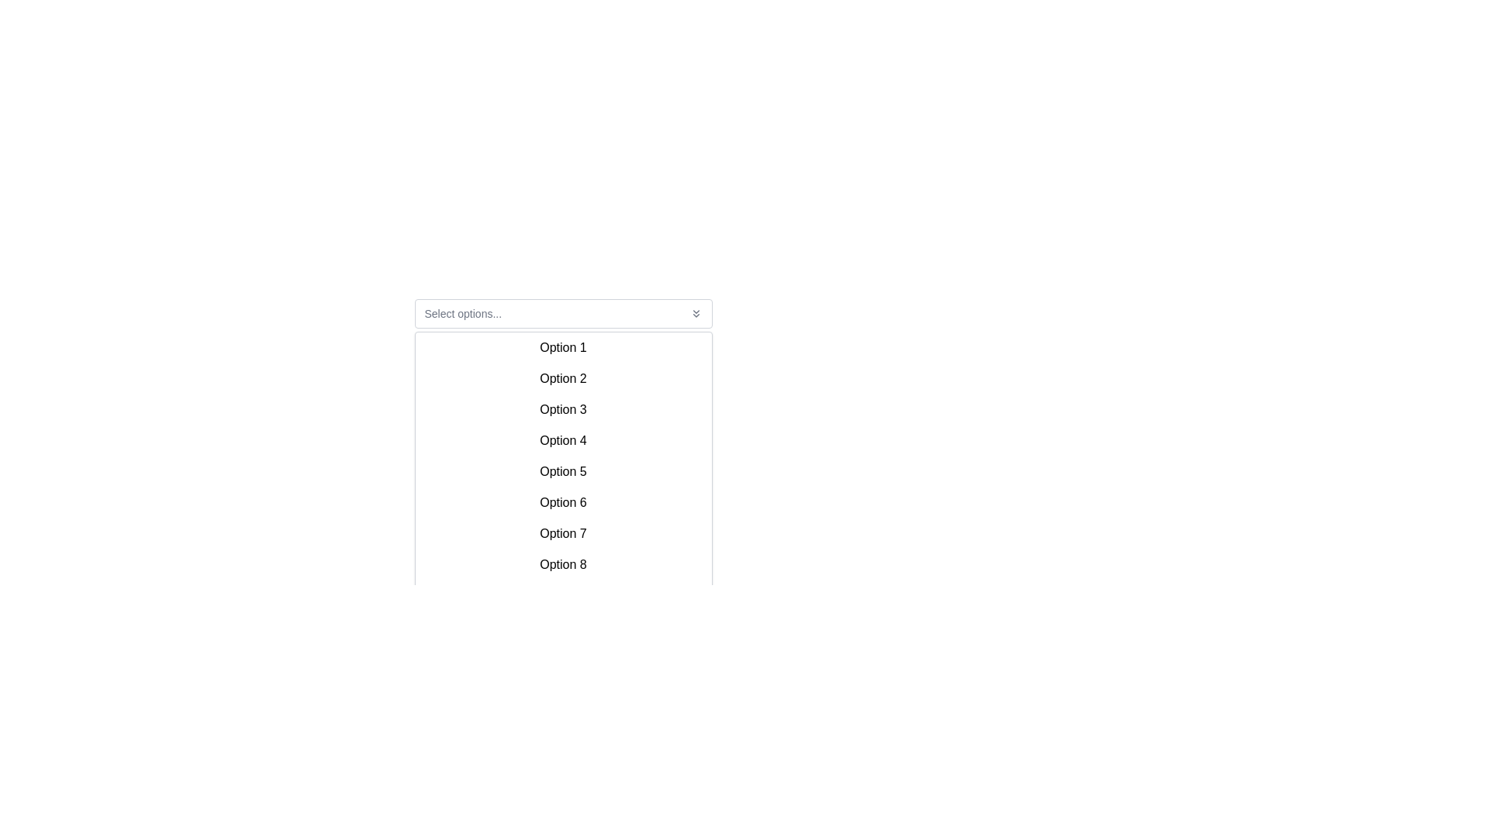 The width and height of the screenshot is (1489, 837). What do you see at coordinates (562, 408) in the screenshot?
I see `the third visible item labeled 'Option 3' in the dropdown menu` at bounding box center [562, 408].